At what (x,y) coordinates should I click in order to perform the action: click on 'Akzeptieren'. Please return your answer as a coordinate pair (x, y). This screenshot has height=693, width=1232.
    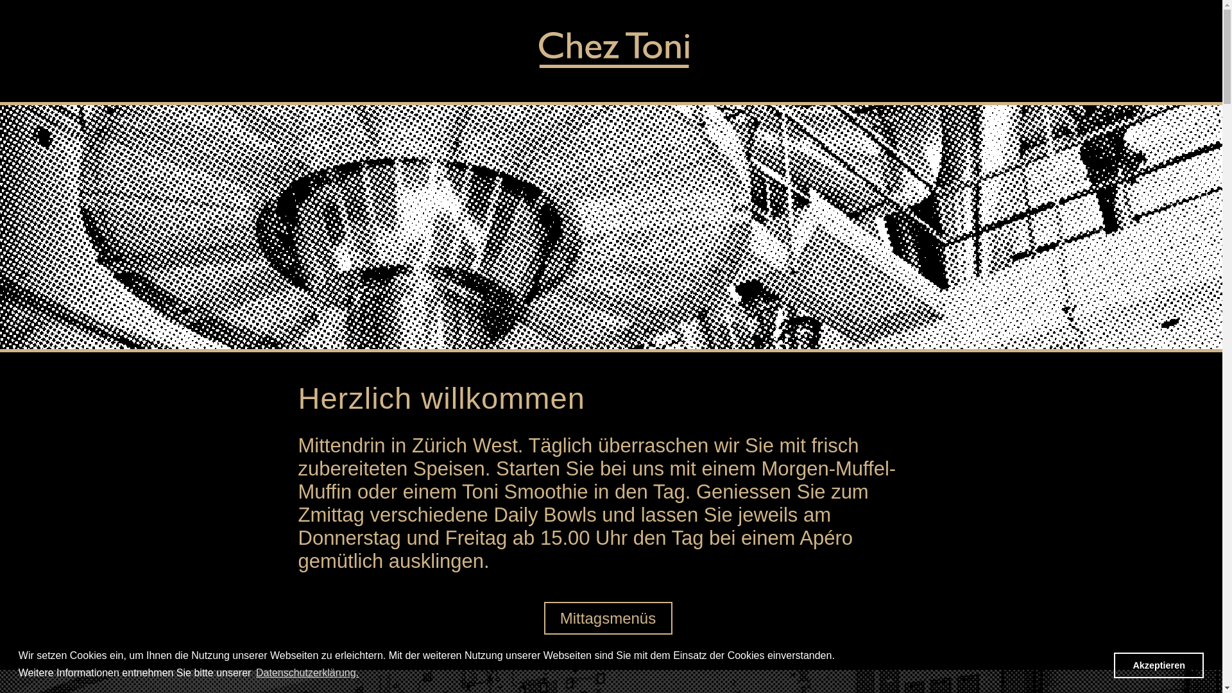
    Looking at the image, I should click on (1158, 665).